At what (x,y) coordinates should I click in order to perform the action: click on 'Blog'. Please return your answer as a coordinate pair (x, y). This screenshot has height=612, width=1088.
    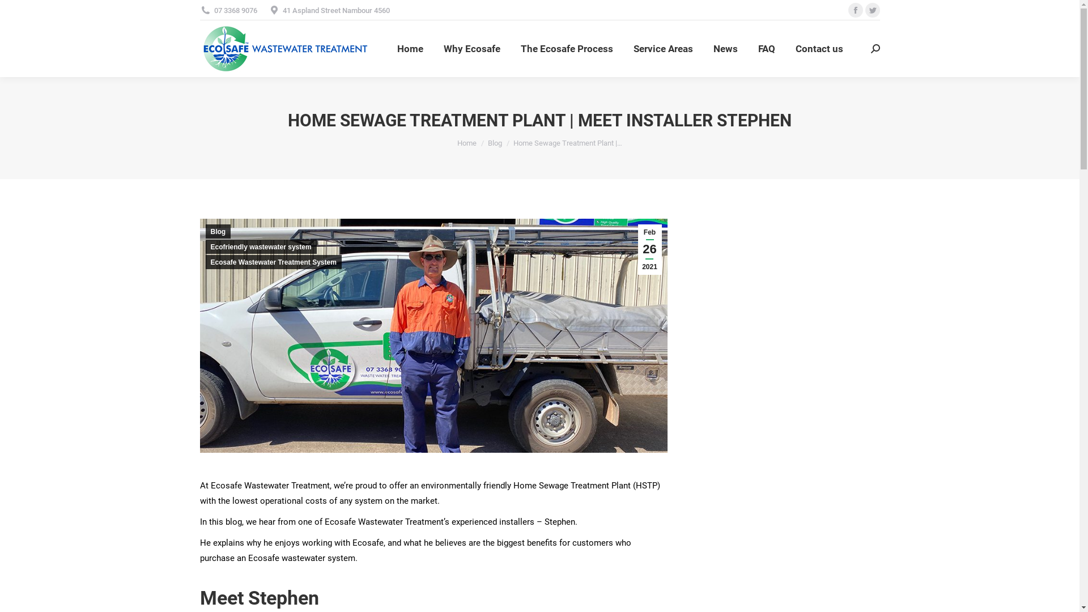
    Looking at the image, I should click on (218, 231).